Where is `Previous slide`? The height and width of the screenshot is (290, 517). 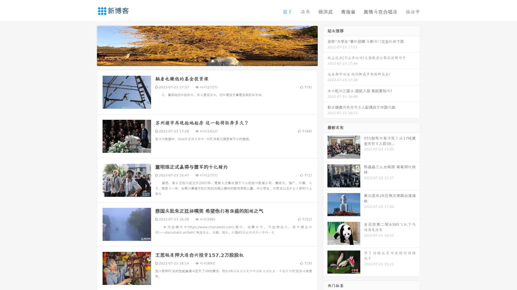 Previous slide is located at coordinates (89, 45).